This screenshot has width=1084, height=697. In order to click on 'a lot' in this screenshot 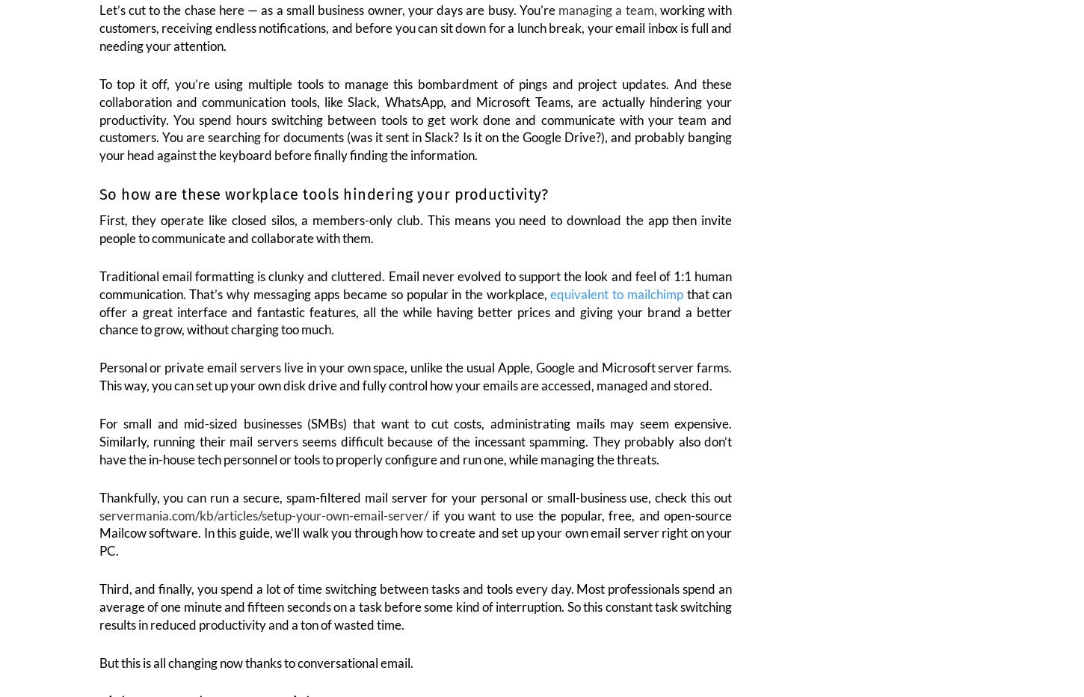, I will do `click(270, 598)`.